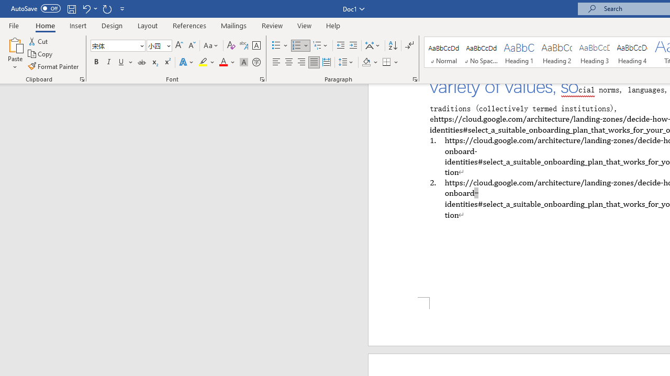 This screenshot has width=670, height=376. What do you see at coordinates (203, 62) in the screenshot?
I see `'Text Highlight Color Yellow'` at bounding box center [203, 62].